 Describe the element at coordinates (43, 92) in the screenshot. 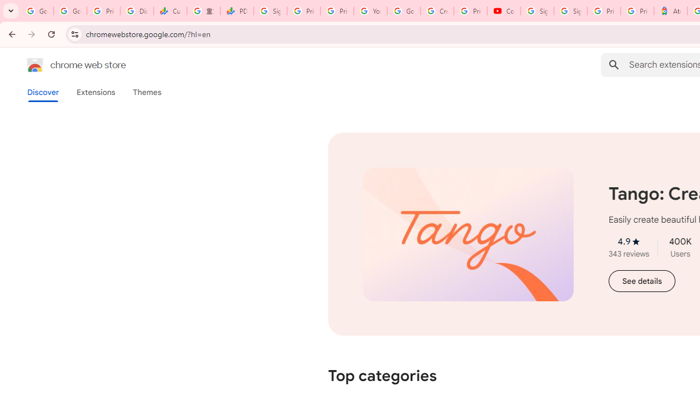

I see `'Discover'` at that location.